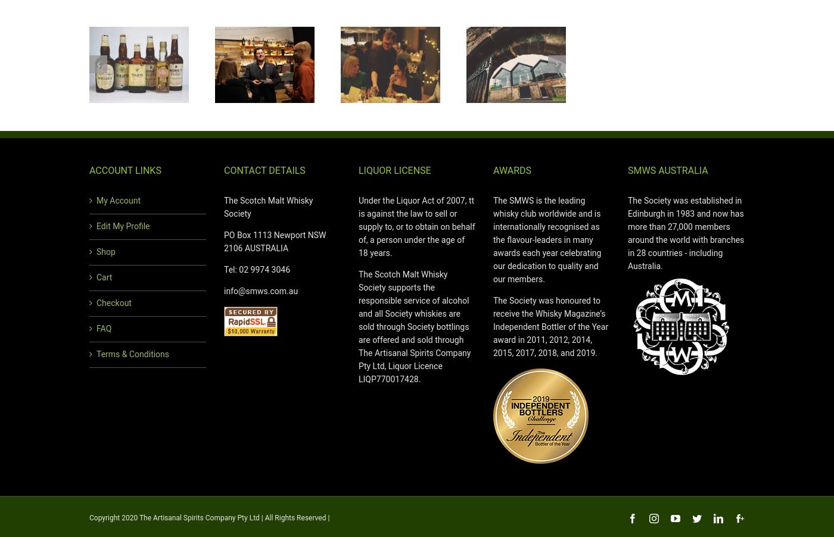 This screenshot has height=537, width=834. I want to click on 'Account Links', so click(125, 170).